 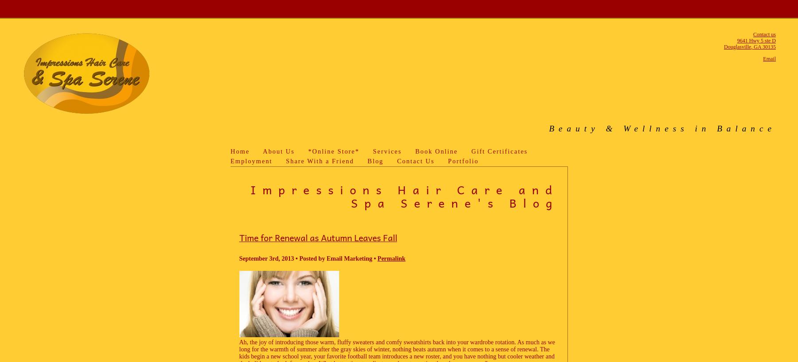 What do you see at coordinates (757, 46) in the screenshot?
I see `'GA'` at bounding box center [757, 46].